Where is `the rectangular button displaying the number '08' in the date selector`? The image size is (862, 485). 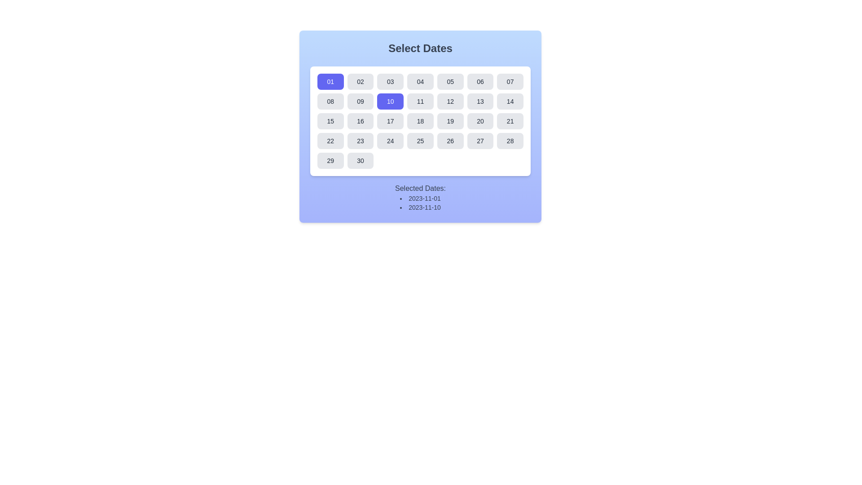 the rectangular button displaying the number '08' in the date selector is located at coordinates (330, 101).